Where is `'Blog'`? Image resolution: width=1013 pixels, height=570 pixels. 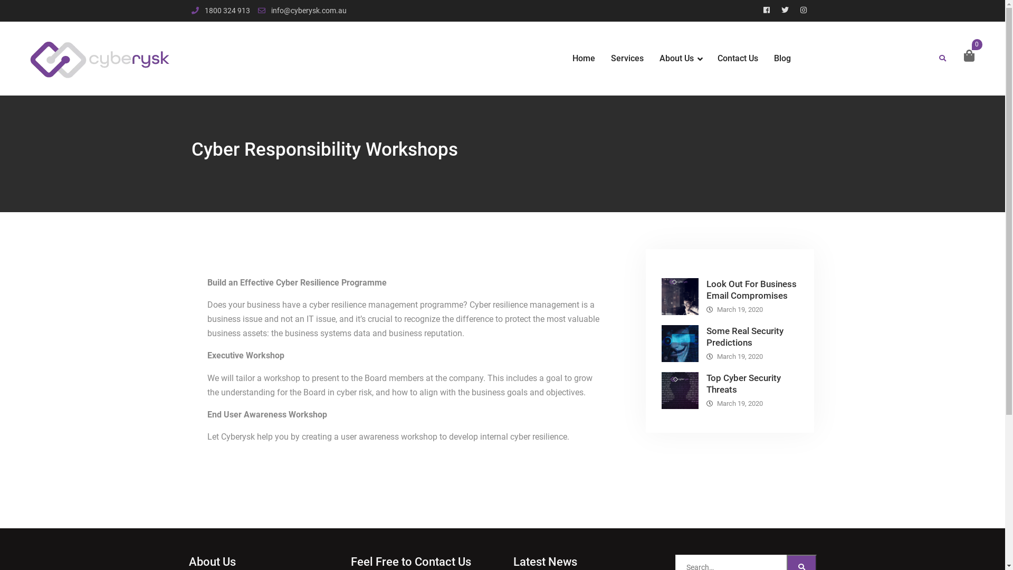 'Blog' is located at coordinates (782, 59).